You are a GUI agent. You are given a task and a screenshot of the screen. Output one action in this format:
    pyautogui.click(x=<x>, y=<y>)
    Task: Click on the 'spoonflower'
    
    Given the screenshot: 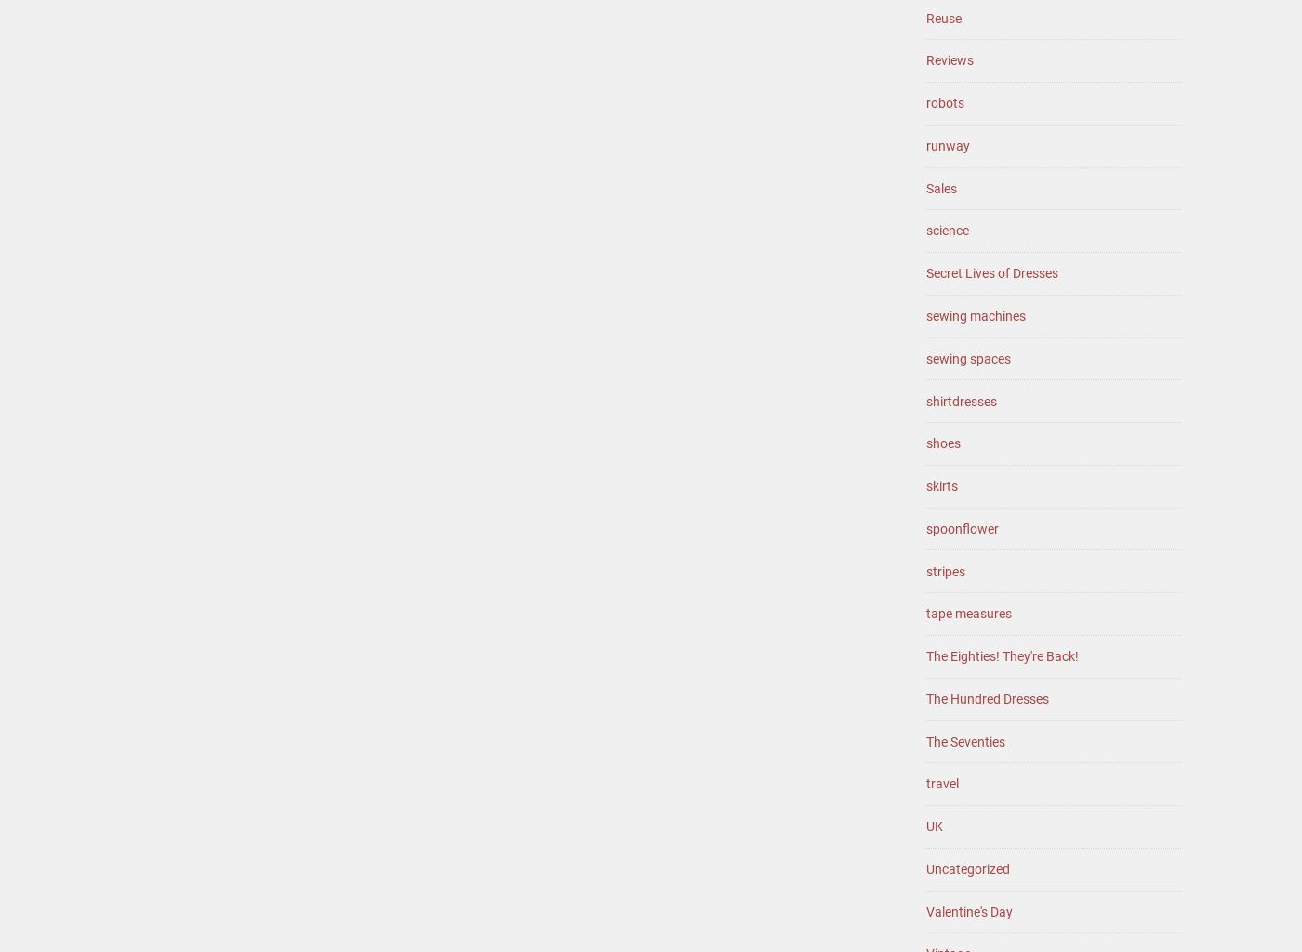 What is the action you would take?
    pyautogui.click(x=925, y=527)
    